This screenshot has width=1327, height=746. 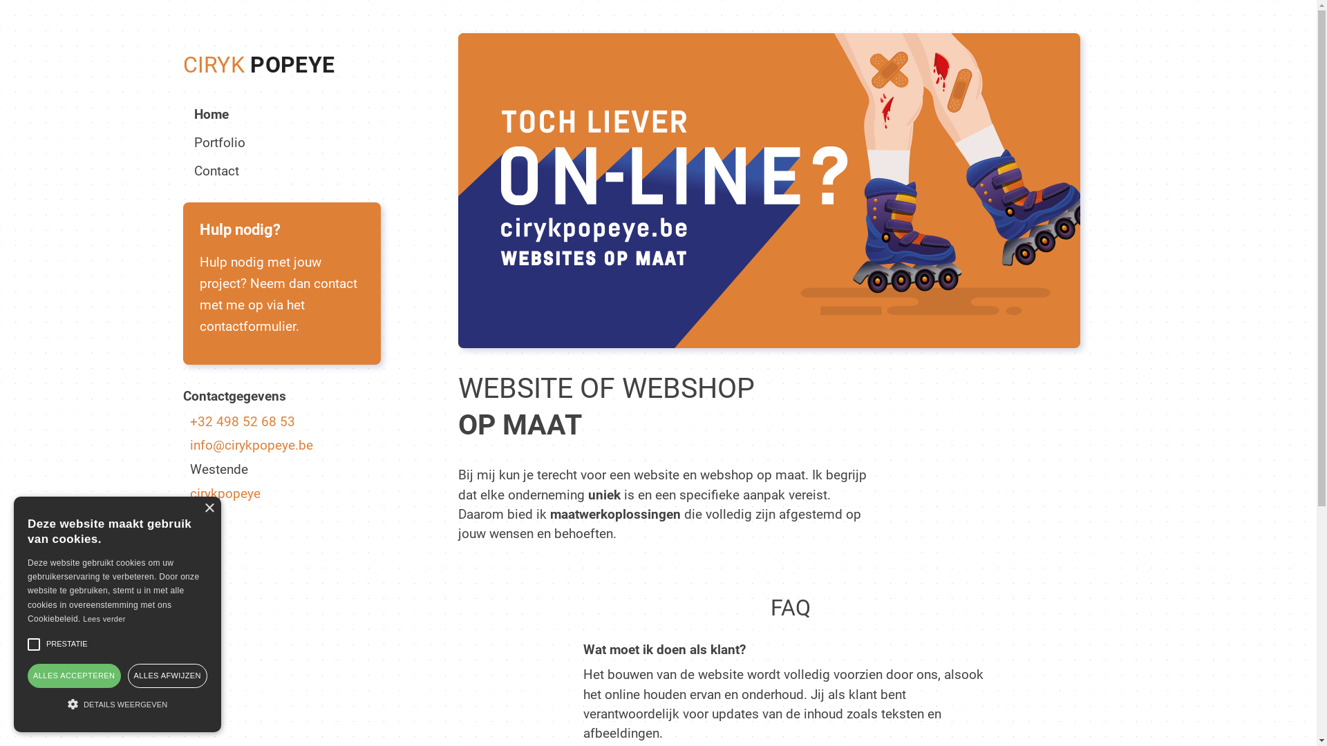 I want to click on 'CIRYK POPEYE', so click(x=258, y=64).